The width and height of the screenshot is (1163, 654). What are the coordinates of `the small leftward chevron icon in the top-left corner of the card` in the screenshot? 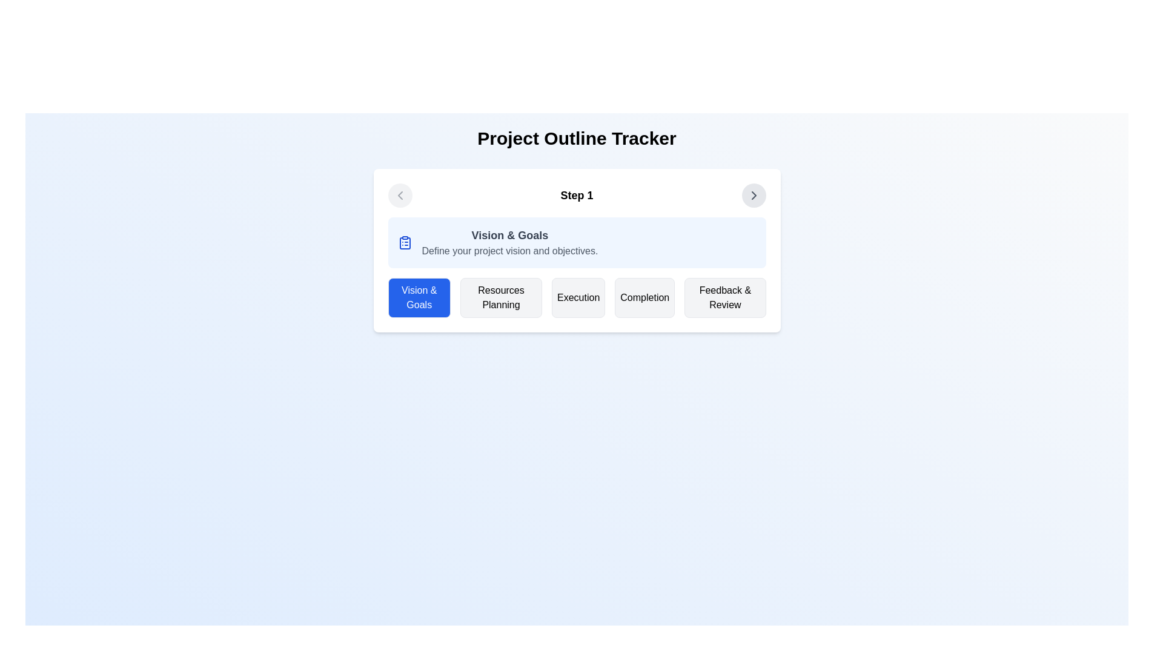 It's located at (400, 195).